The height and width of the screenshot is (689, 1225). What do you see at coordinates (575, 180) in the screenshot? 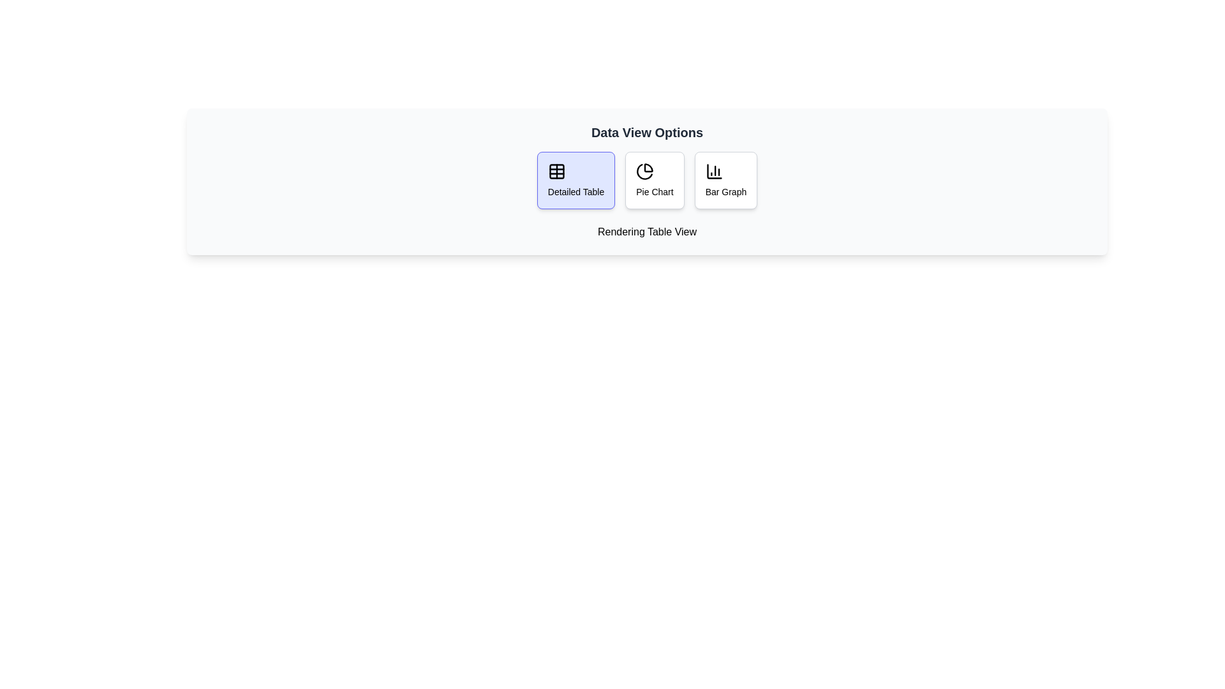
I see `the Detailed Table button to preview its effect` at bounding box center [575, 180].